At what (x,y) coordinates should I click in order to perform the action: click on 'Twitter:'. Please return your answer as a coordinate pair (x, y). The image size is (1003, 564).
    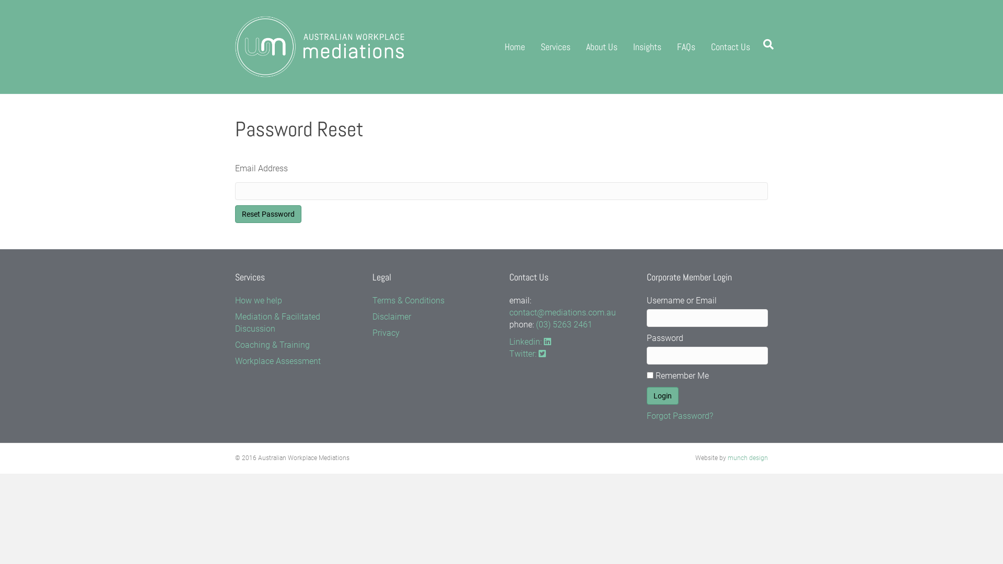
    Looking at the image, I should click on (527, 353).